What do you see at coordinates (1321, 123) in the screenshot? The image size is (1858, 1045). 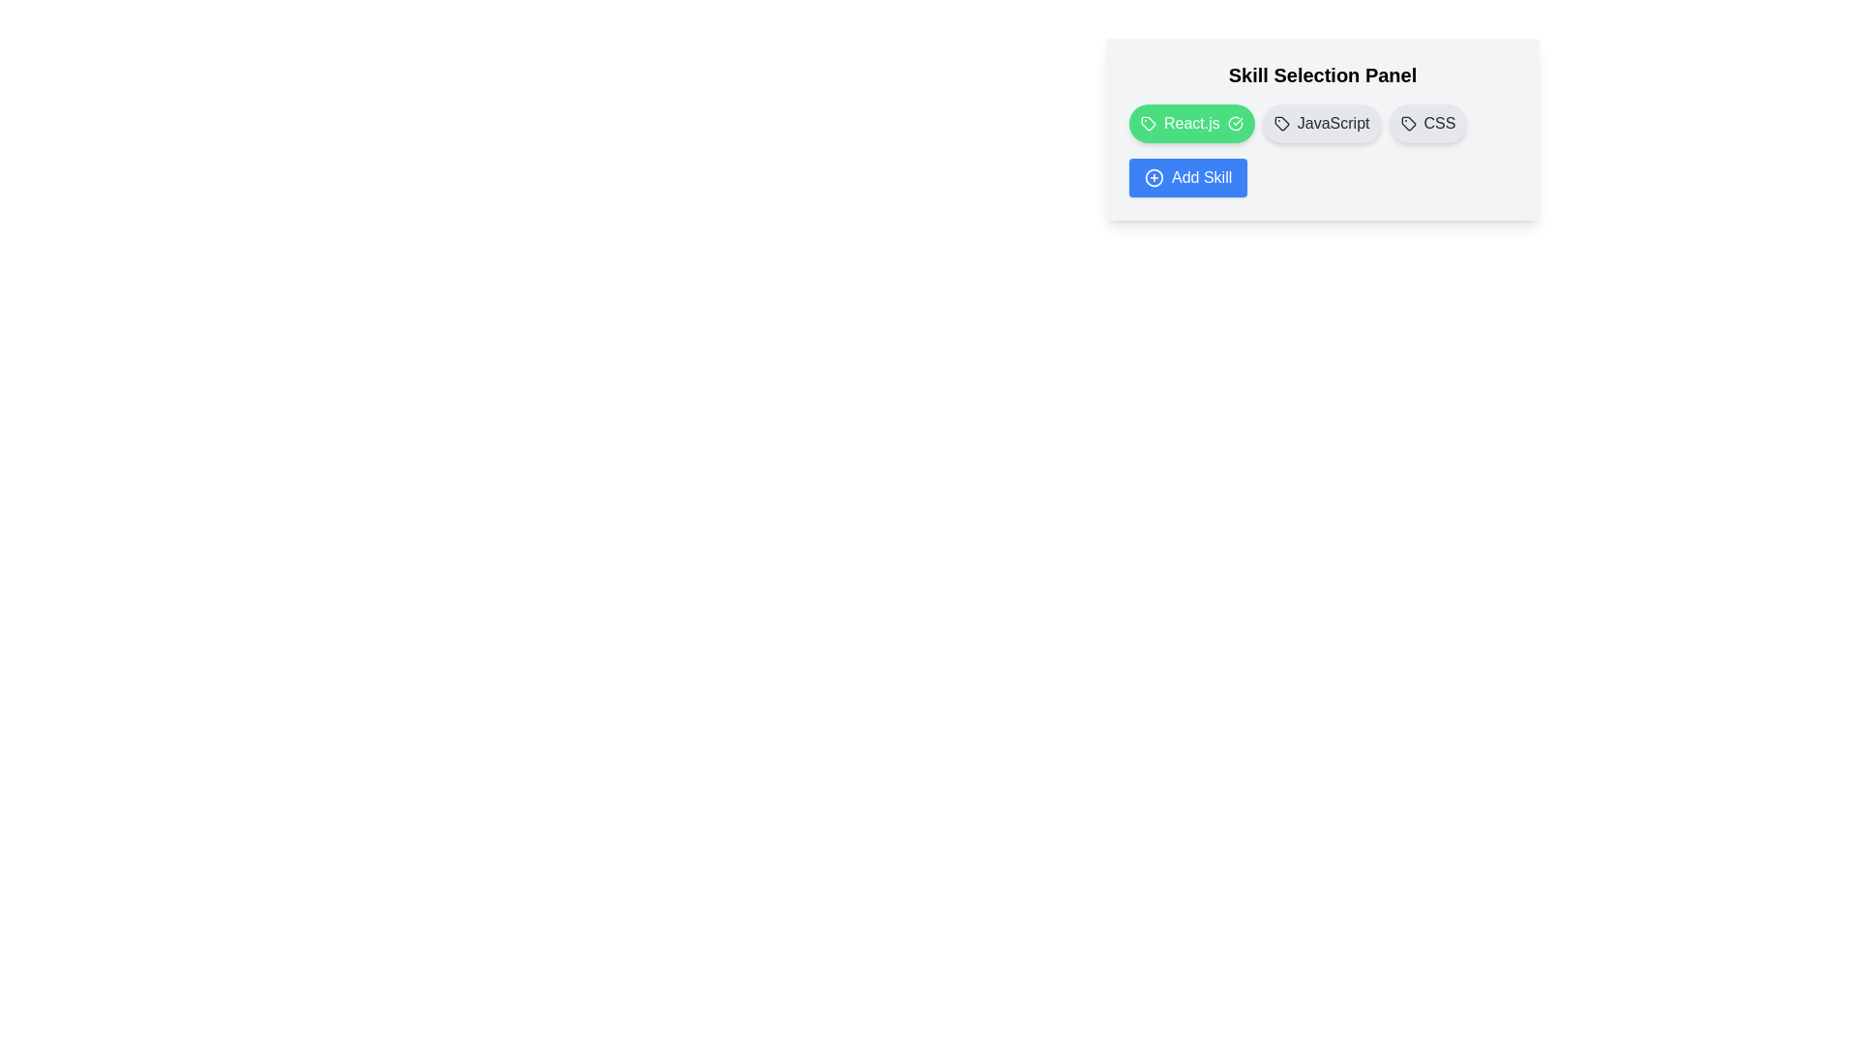 I see `the pill-shaped button labeled 'JavaScript' with a light gray background` at bounding box center [1321, 123].